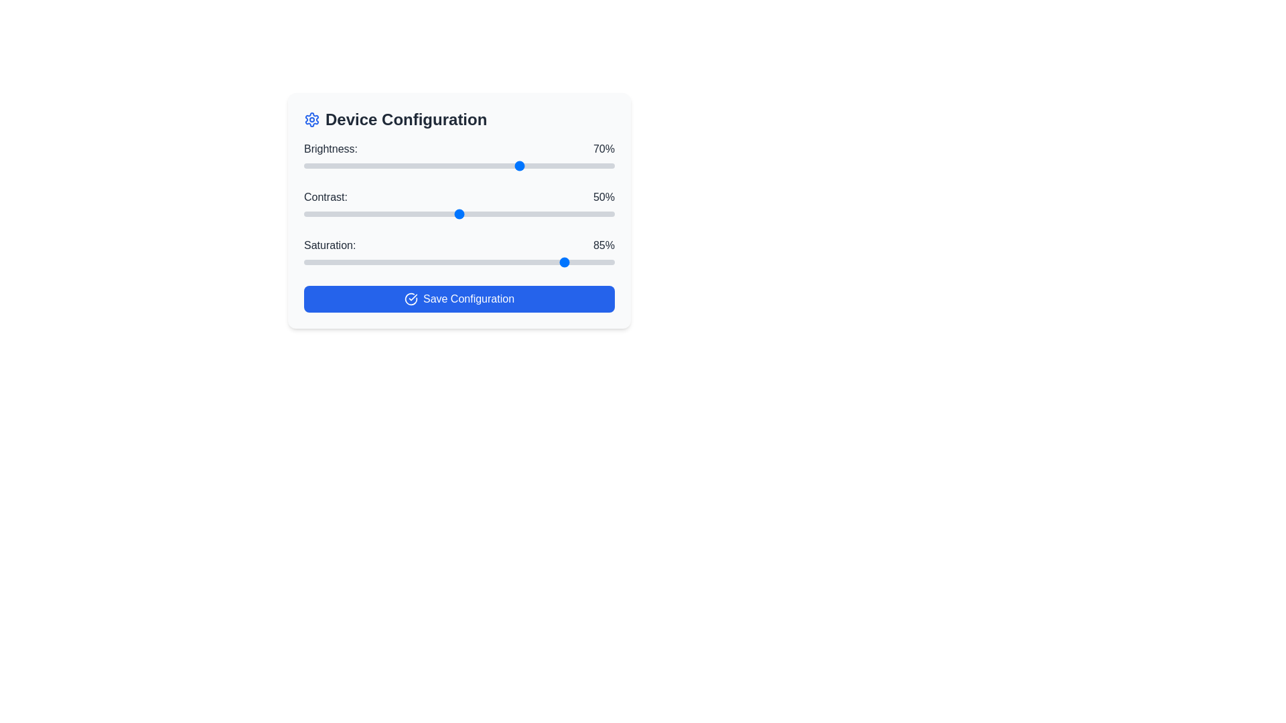 The image size is (1286, 723). I want to click on the saturation level, so click(427, 262).